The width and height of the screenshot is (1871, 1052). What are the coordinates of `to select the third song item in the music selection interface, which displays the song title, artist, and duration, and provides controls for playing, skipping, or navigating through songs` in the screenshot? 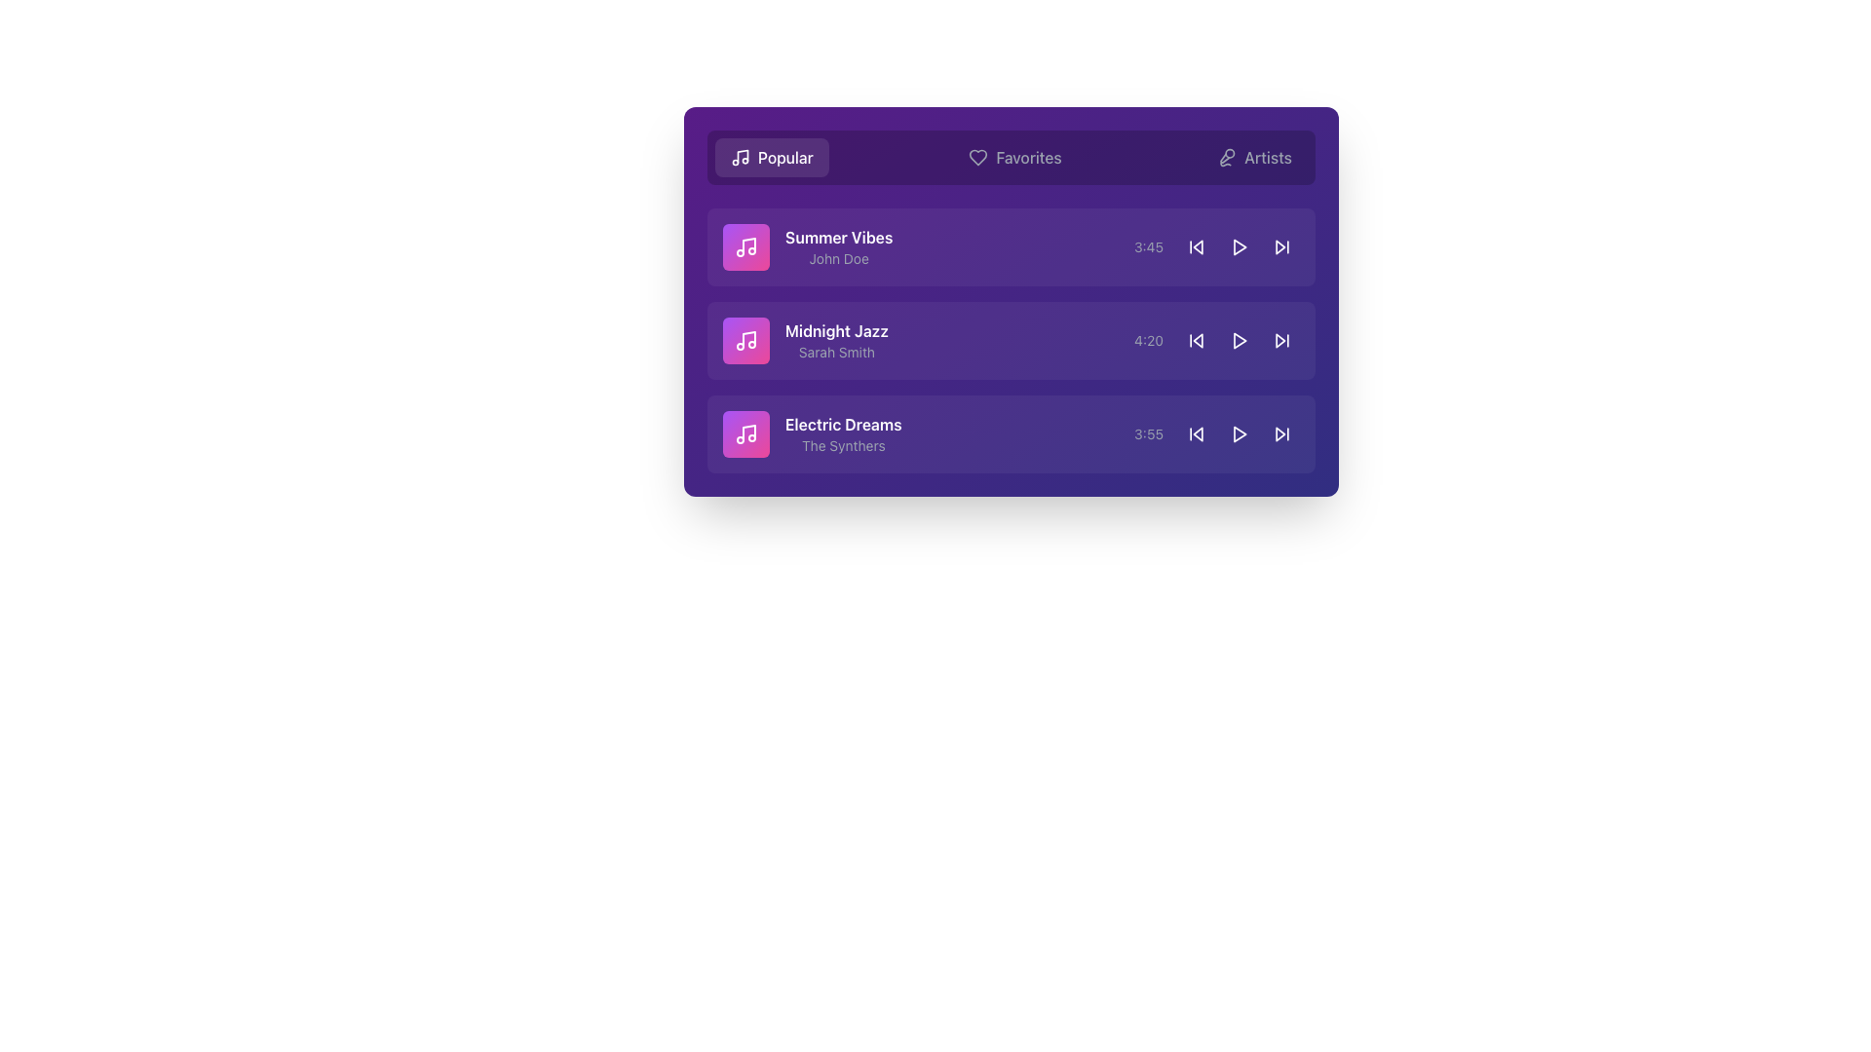 It's located at (1011, 433).